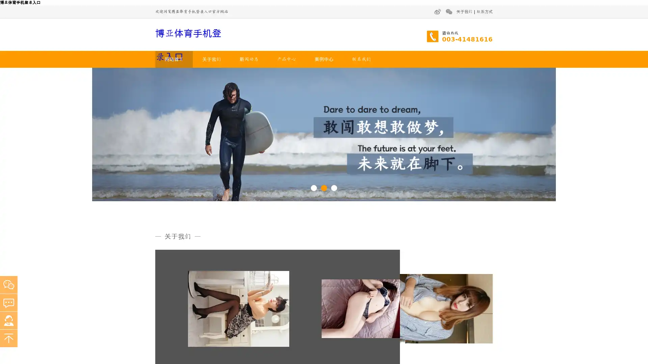 The height and width of the screenshot is (364, 648). Describe the element at coordinates (334, 187) in the screenshot. I see `3` at that location.